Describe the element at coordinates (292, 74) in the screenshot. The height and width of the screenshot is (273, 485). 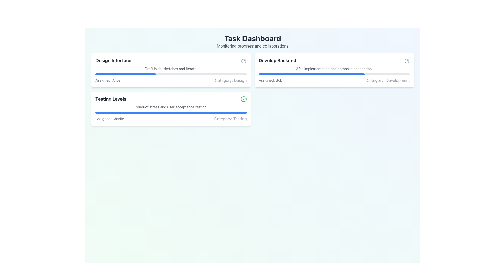
I see `the progress bar value` at that location.